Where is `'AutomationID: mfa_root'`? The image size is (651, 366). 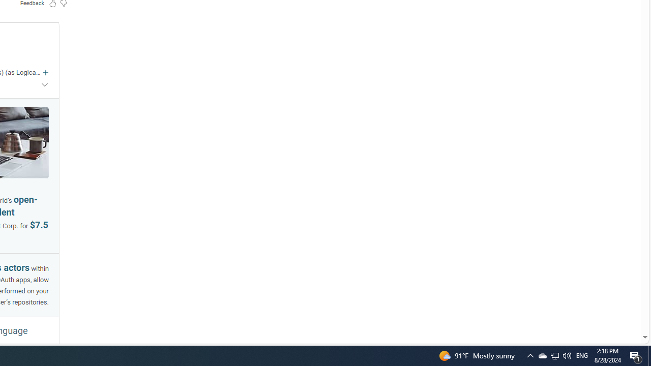
'AutomationID: mfa_root' is located at coordinates (606, 306).